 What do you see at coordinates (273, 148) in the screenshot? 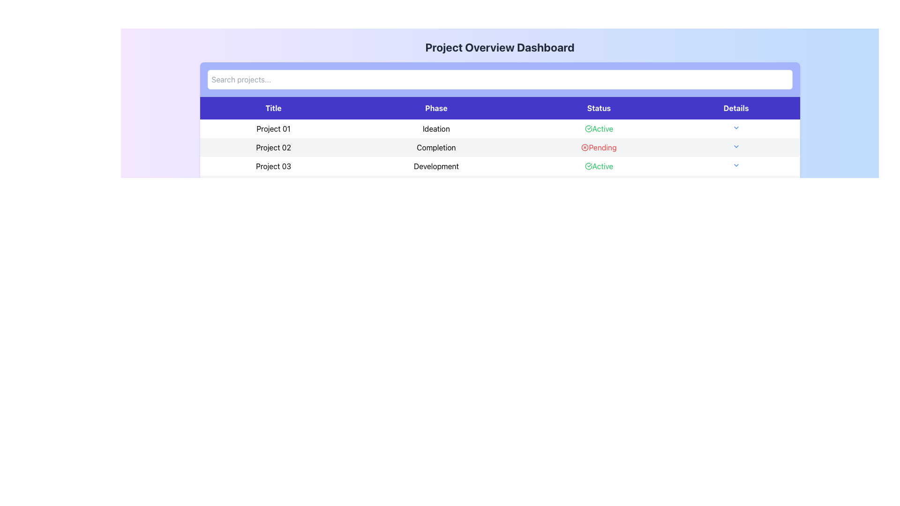
I see `the static text label indicating the name of the project in the second row of the dashboard table, which is located in the first column labeled 'Title'` at bounding box center [273, 148].